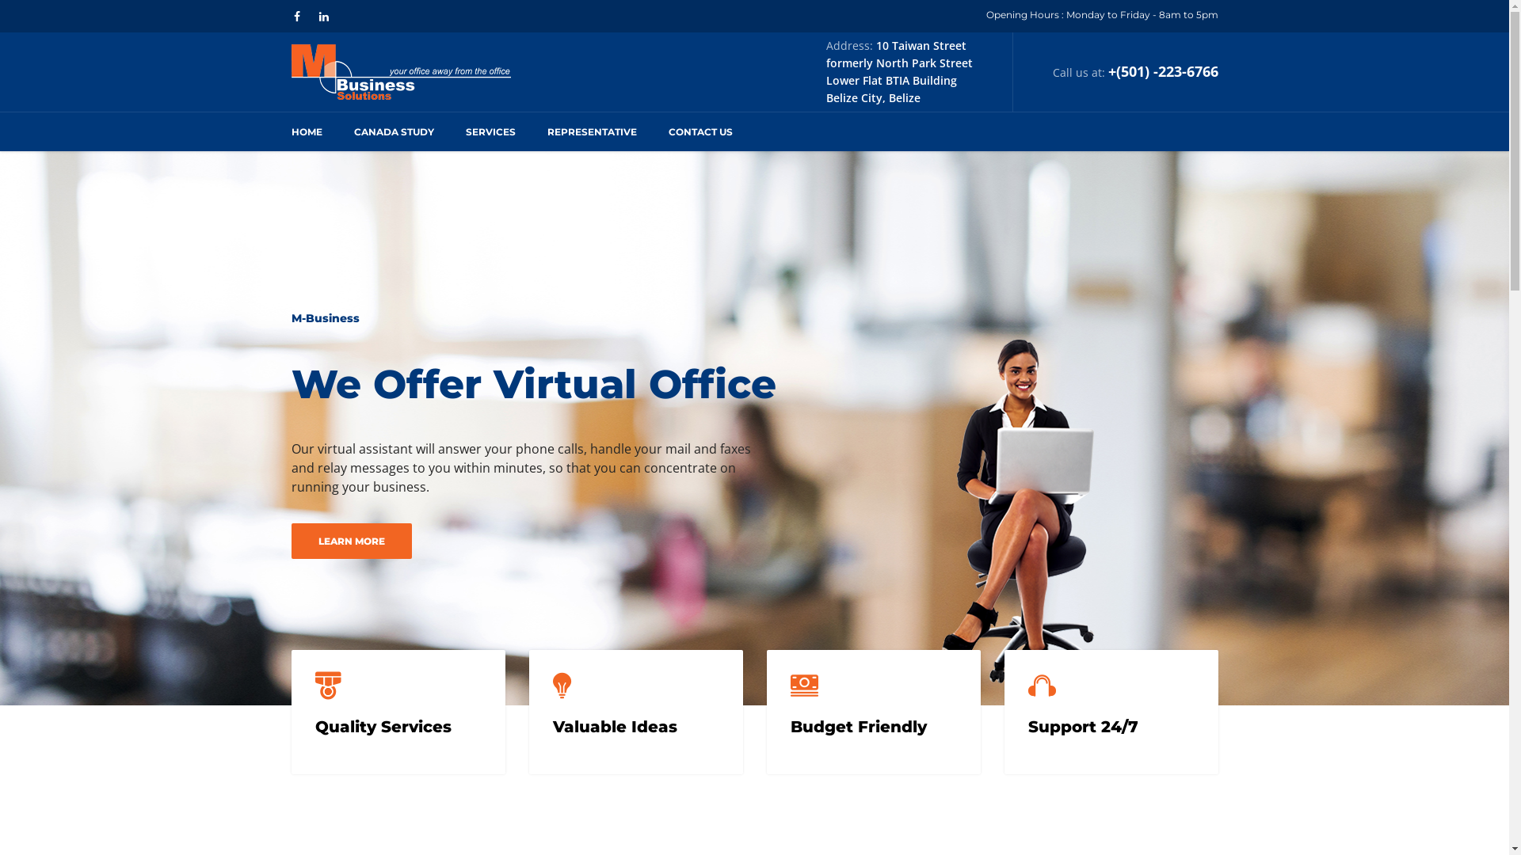  What do you see at coordinates (490, 131) in the screenshot?
I see `'SERVICES'` at bounding box center [490, 131].